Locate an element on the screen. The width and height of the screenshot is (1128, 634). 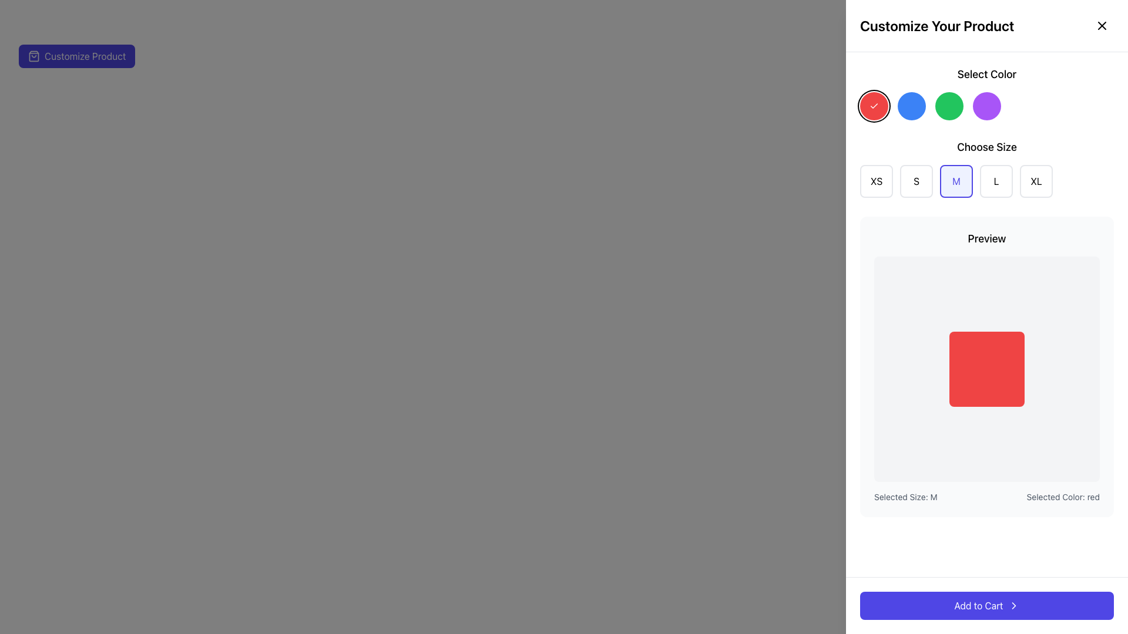
the 'Customize Product' button, which is represented by an icon on the left side of the button is located at coordinates (33, 56).